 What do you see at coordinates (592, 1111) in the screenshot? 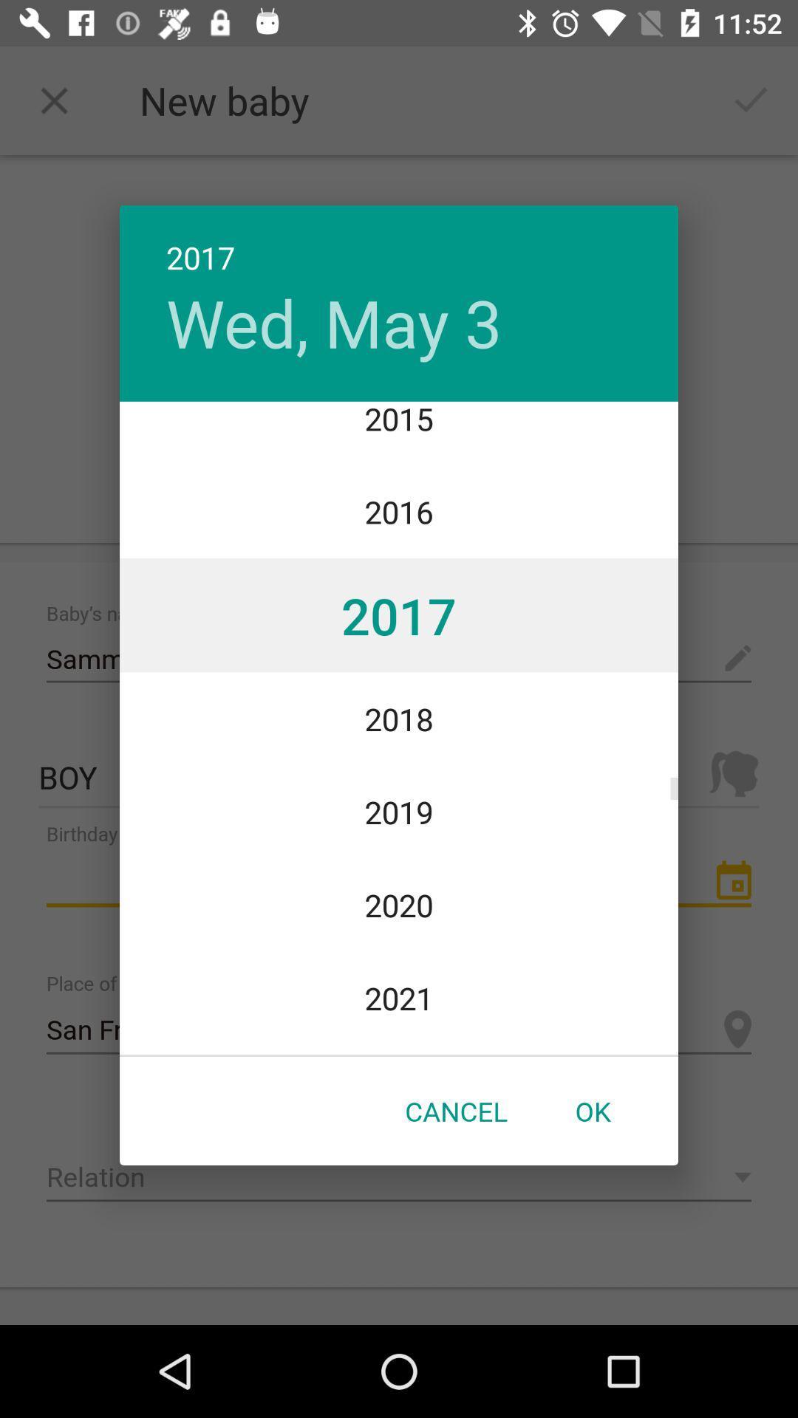
I see `the icon to the right of the cancel` at bounding box center [592, 1111].